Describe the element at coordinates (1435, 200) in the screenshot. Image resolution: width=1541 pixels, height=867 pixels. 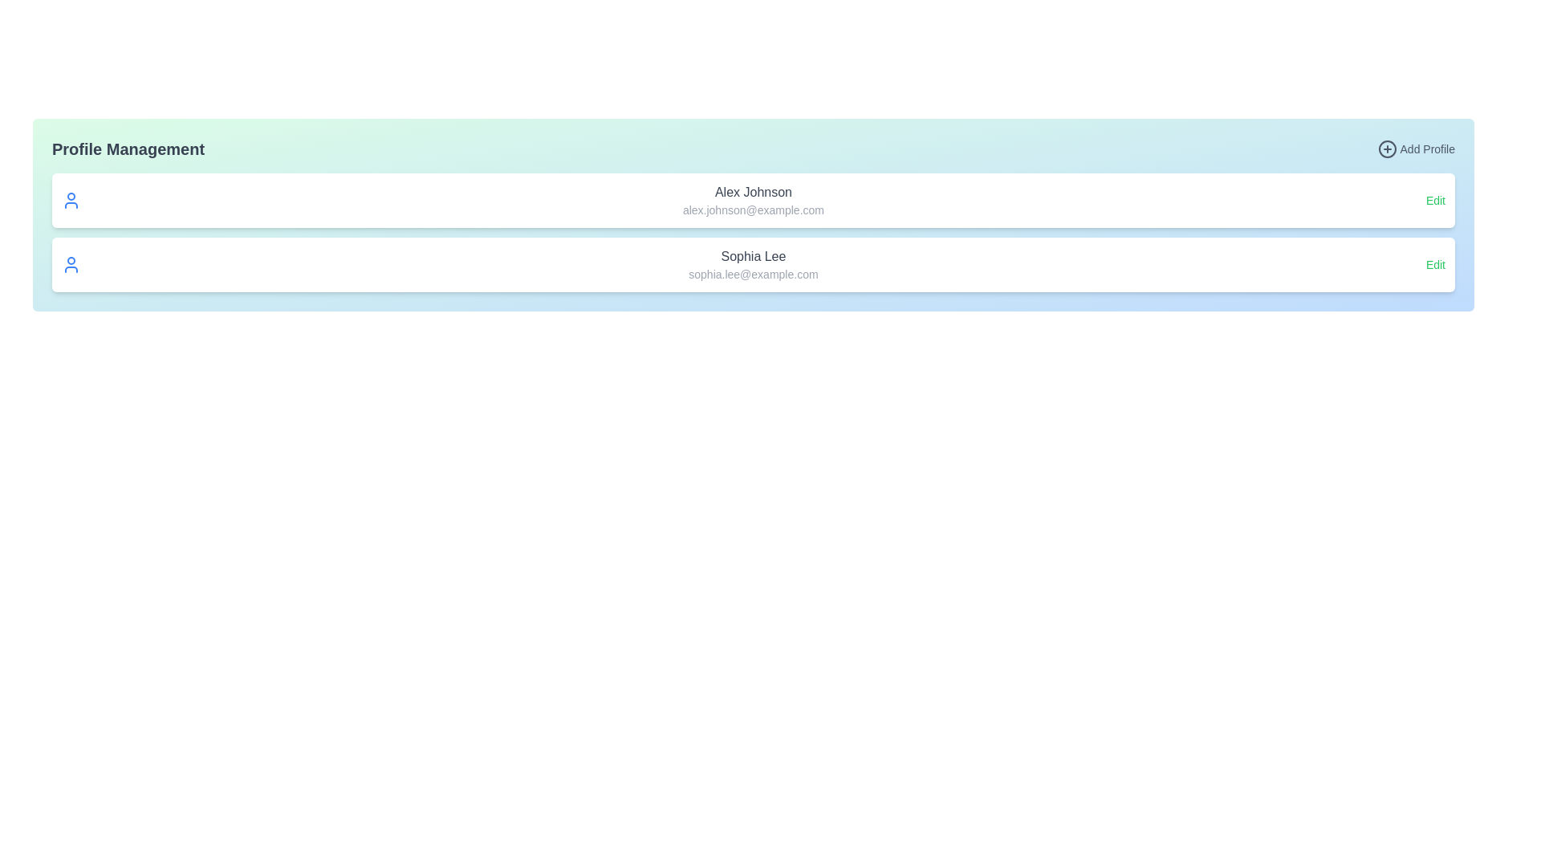
I see `the 'Edit' hyperlink link in green color for the user profile entry of 'Alex Johnson'` at that location.